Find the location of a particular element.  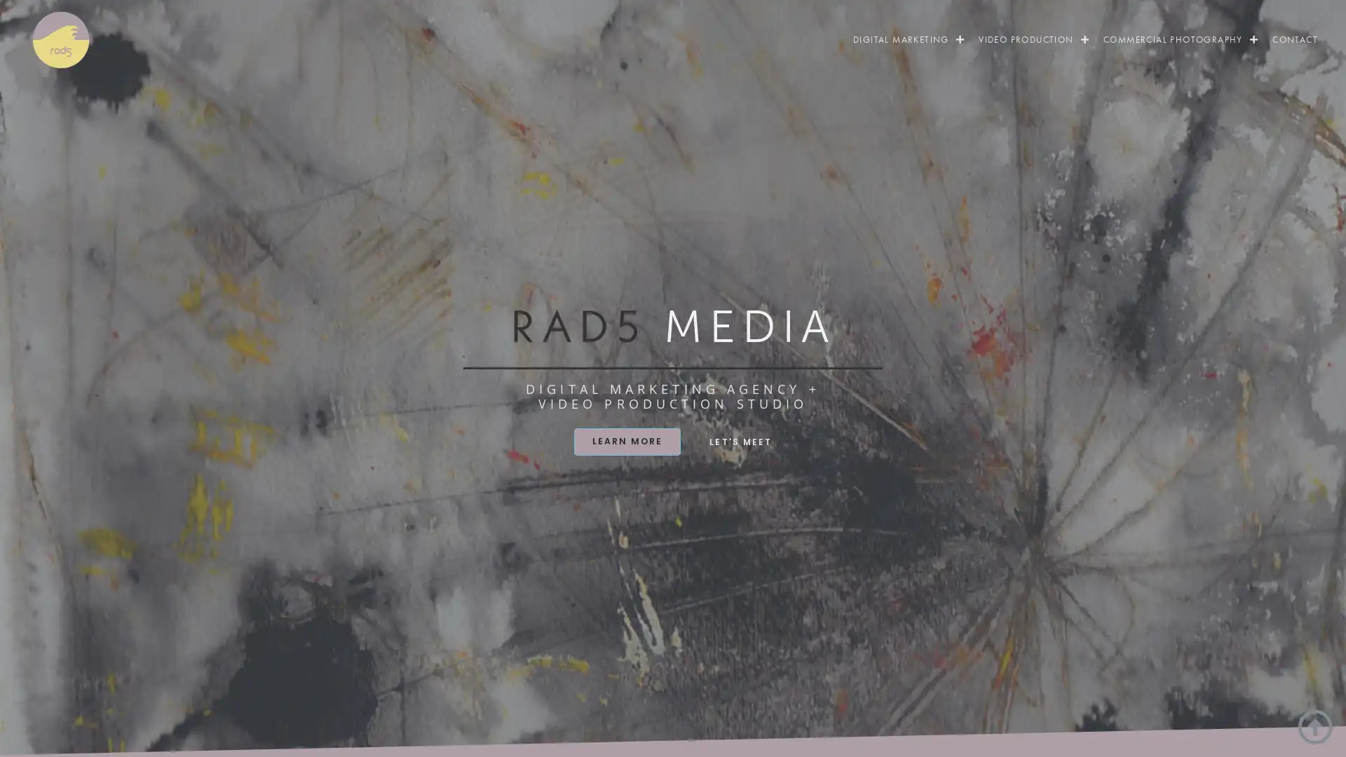

LEARN MORE is located at coordinates (626, 440).